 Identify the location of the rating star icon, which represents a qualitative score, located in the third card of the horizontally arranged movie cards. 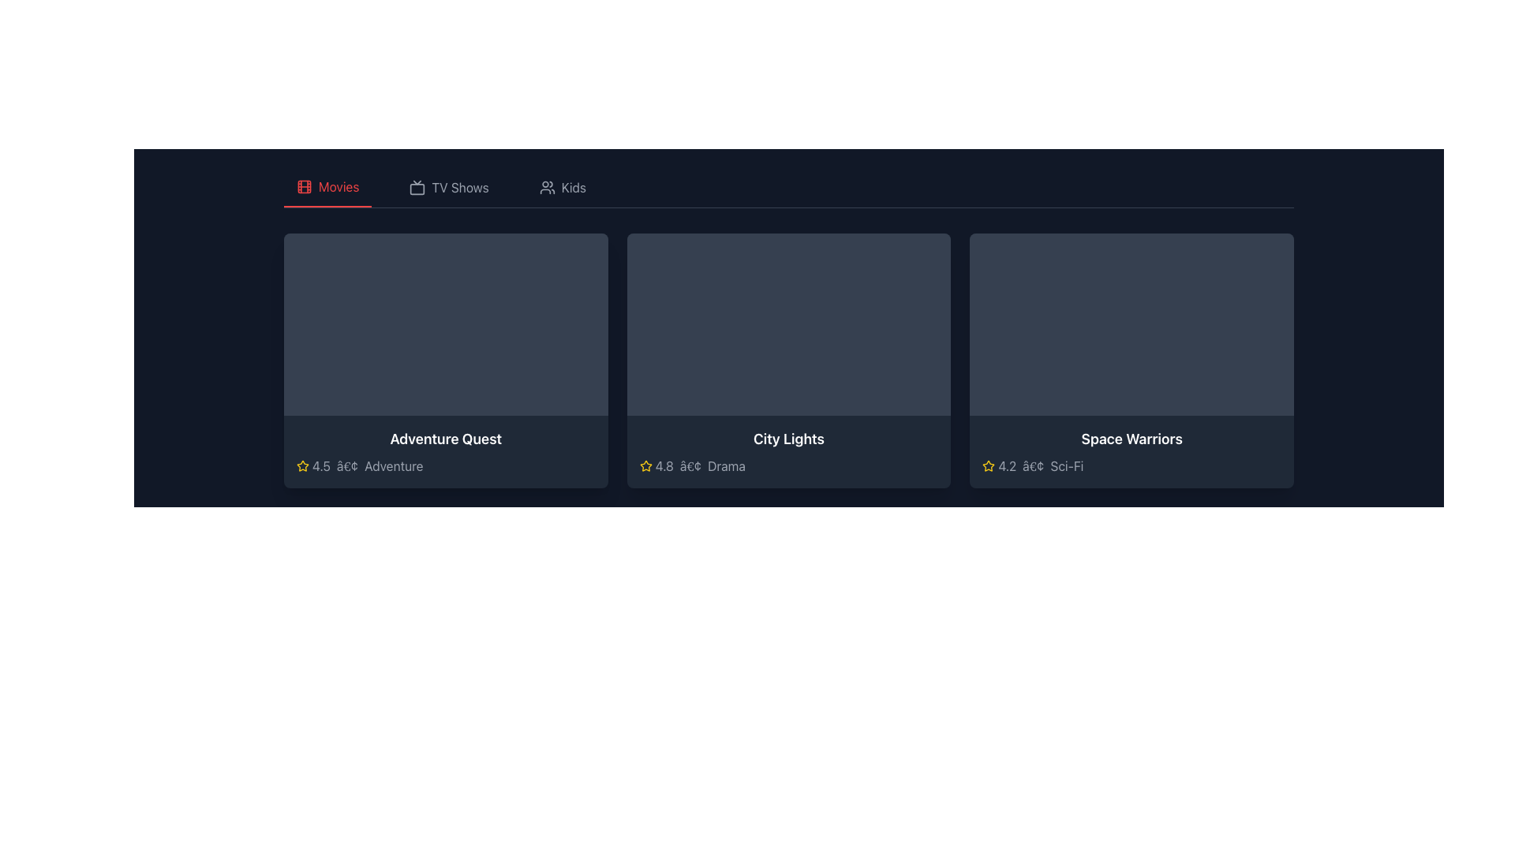
(988, 465).